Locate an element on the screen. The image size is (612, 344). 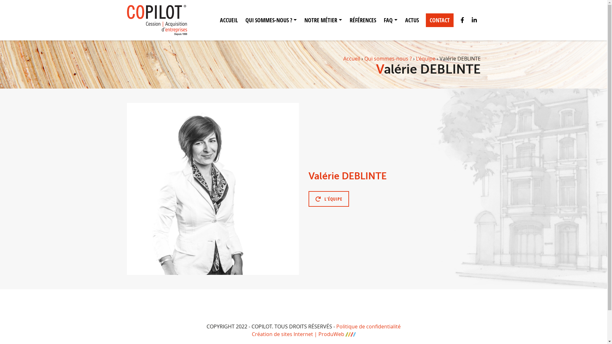
'CONTACT' is located at coordinates (439, 20).